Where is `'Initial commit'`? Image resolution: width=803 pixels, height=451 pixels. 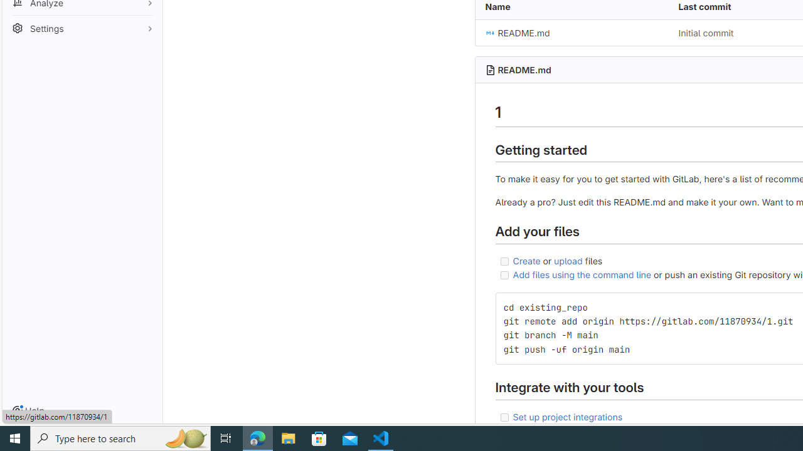
'Initial commit' is located at coordinates (706, 32).